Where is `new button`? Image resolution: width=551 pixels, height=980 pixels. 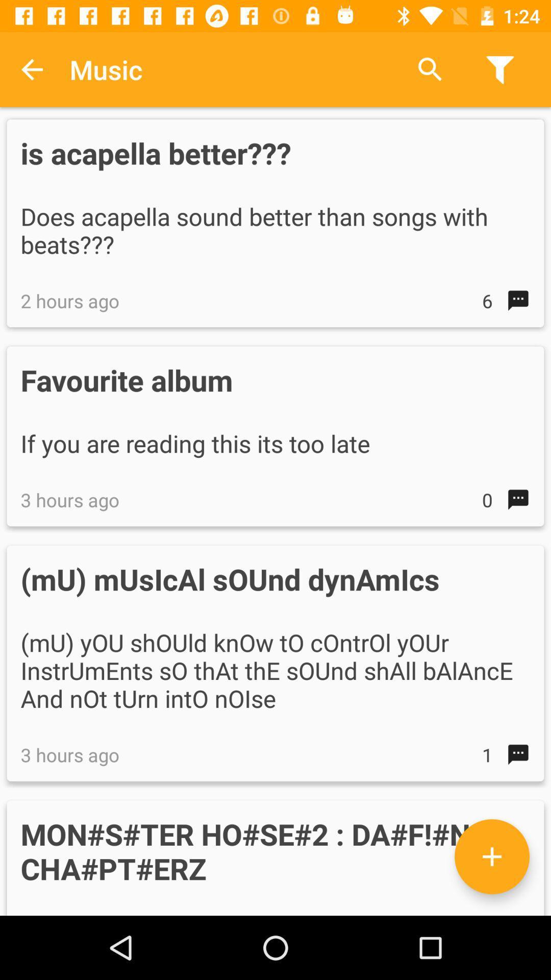
new button is located at coordinates (491, 856).